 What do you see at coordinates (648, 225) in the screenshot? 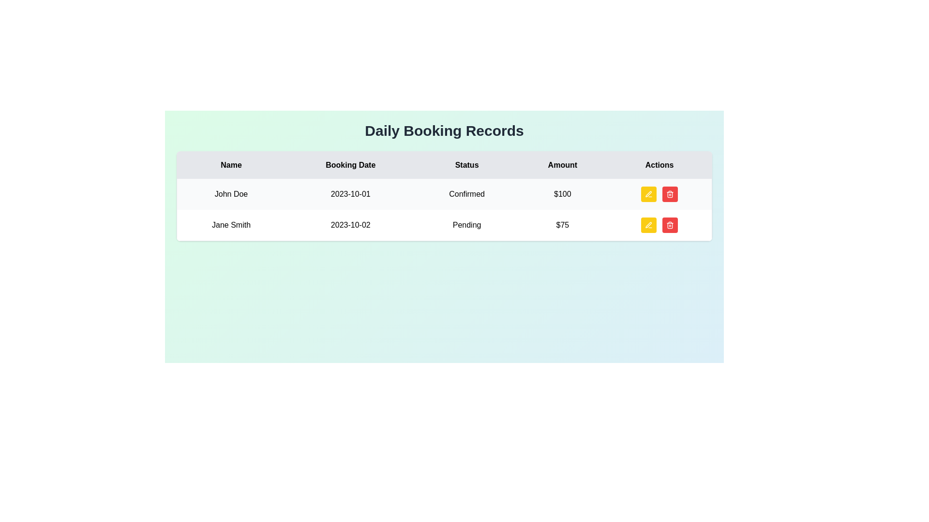
I see `the edit button located in the 'Actions' column of the second row in the table` at bounding box center [648, 225].